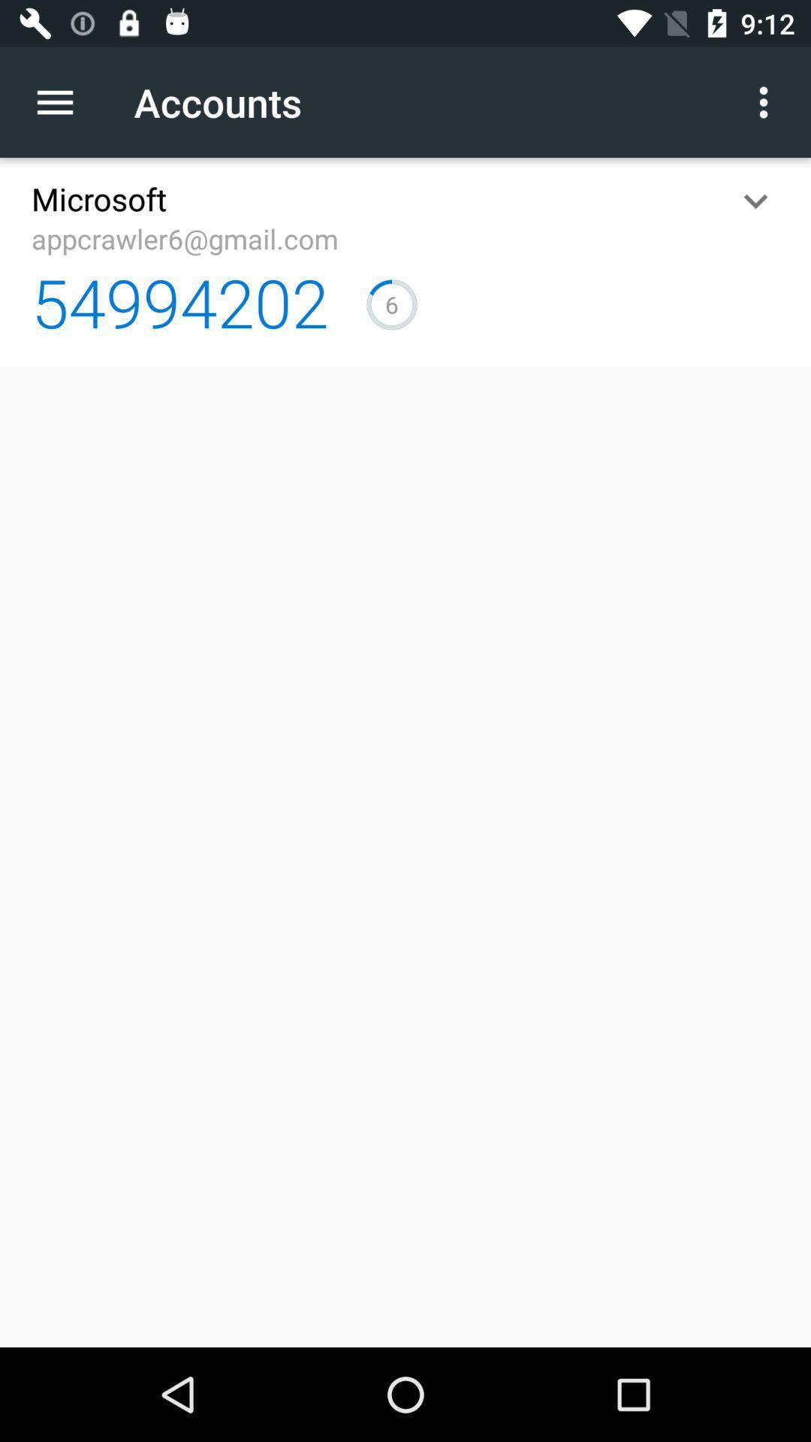  What do you see at coordinates (390, 303) in the screenshot?
I see `the icon next to 54994202 item` at bounding box center [390, 303].